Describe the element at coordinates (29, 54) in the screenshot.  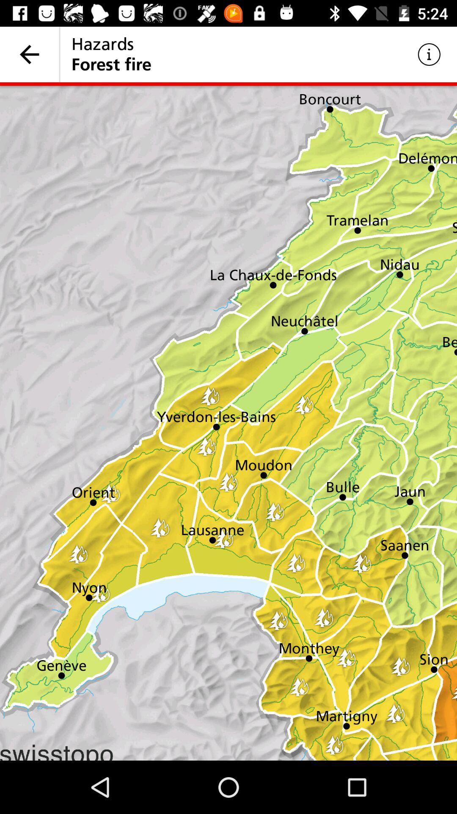
I see `item next to the hazards item` at that location.